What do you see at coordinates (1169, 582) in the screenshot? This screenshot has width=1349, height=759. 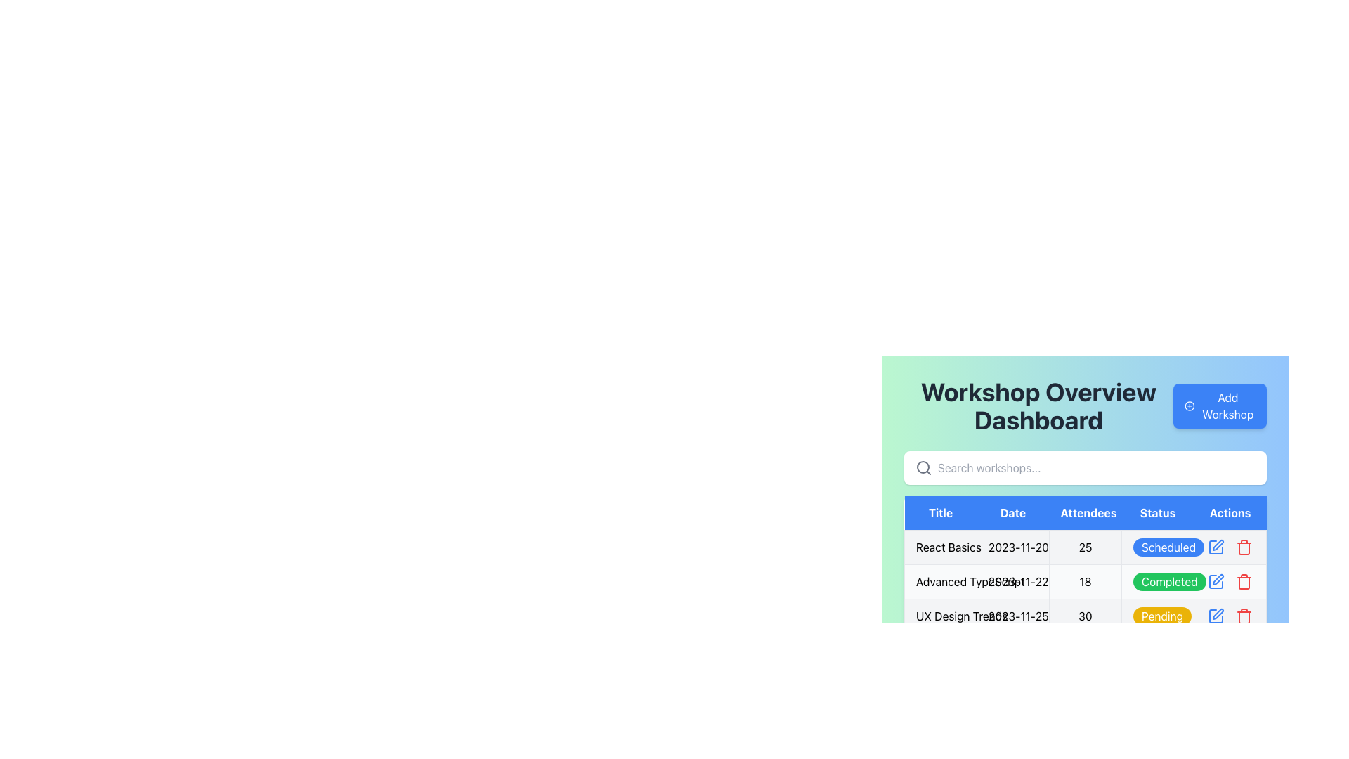 I see `the Status label styled as a rounded rectangle with a green background and white text reading 'Completed' located in the fourth column of the second row of the 'Workshop Overview Dashboard'` at bounding box center [1169, 582].